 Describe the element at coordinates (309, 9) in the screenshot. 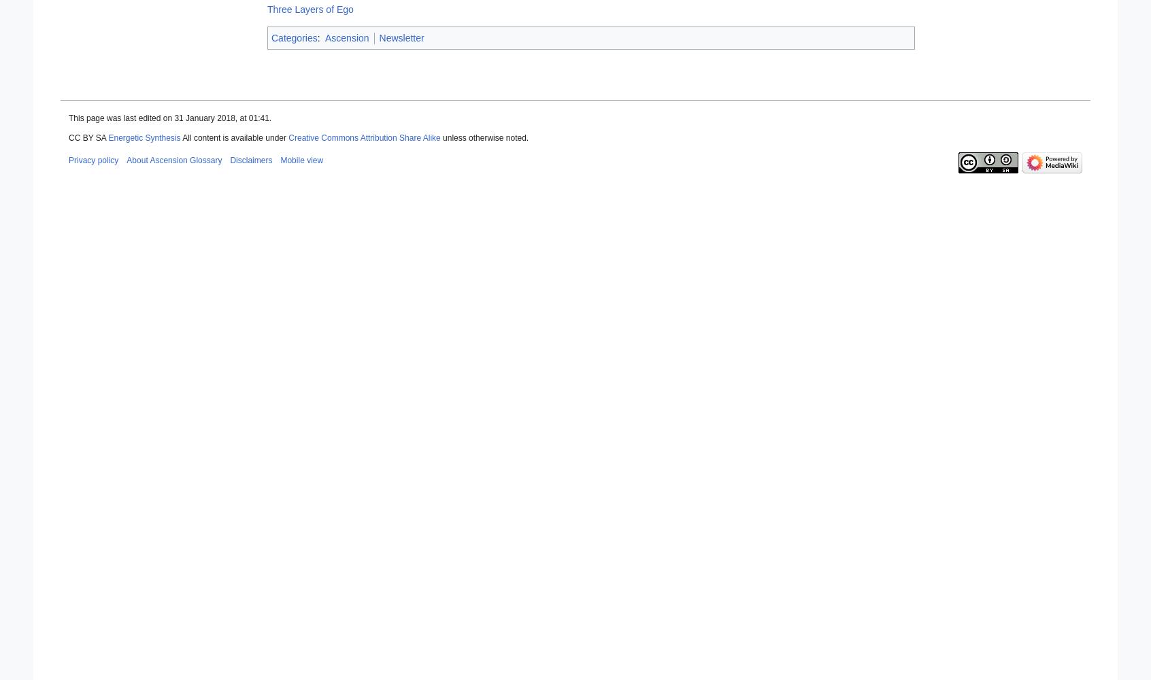

I see `'Three Layers of Ego'` at that location.